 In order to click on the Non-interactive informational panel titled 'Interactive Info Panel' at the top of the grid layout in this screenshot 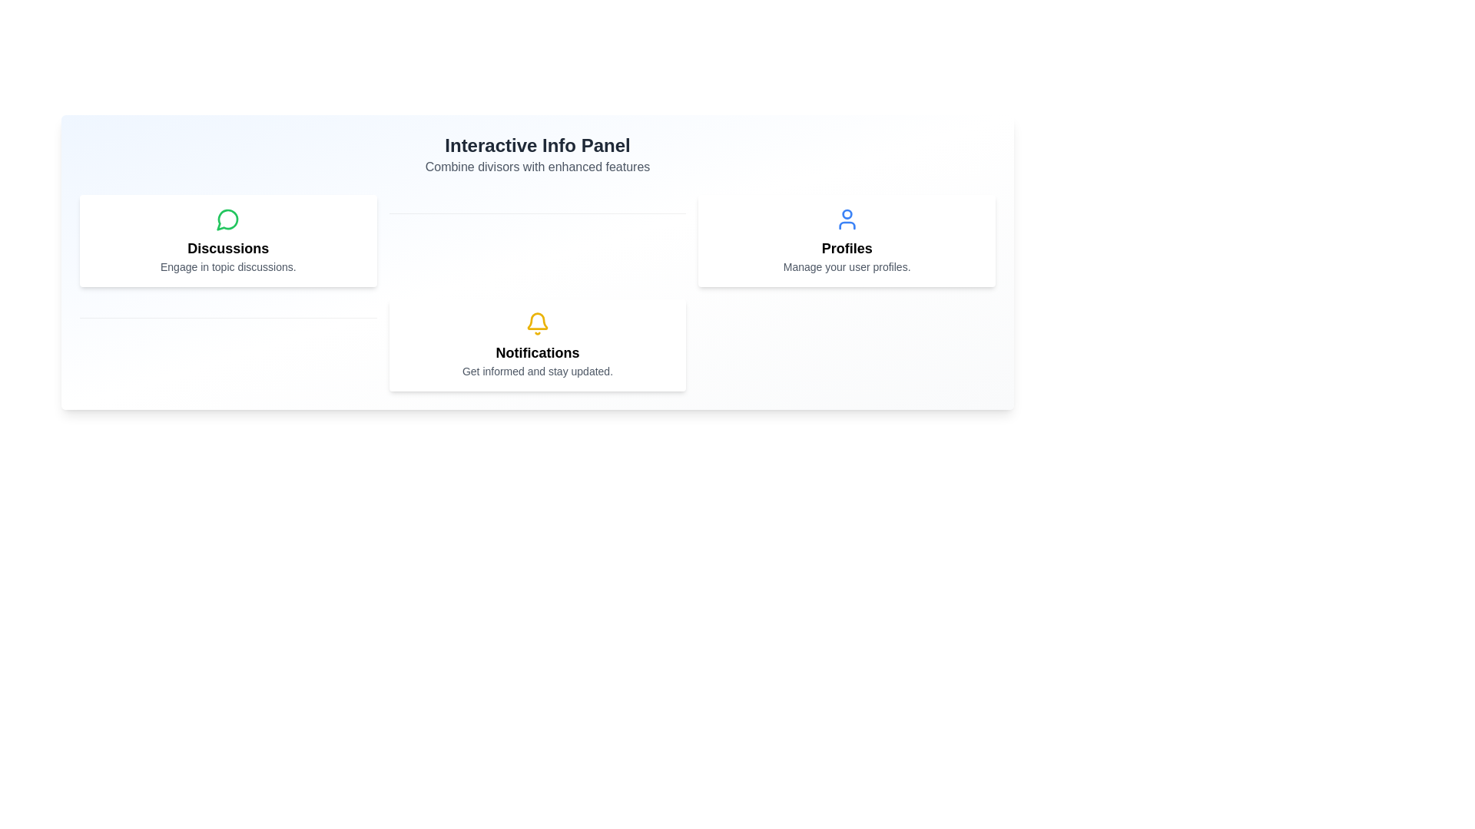, I will do `click(538, 154)`.